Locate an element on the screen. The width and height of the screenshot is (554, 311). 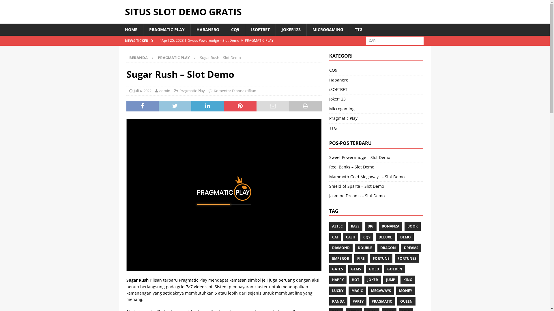
'MONEY' is located at coordinates (405, 291).